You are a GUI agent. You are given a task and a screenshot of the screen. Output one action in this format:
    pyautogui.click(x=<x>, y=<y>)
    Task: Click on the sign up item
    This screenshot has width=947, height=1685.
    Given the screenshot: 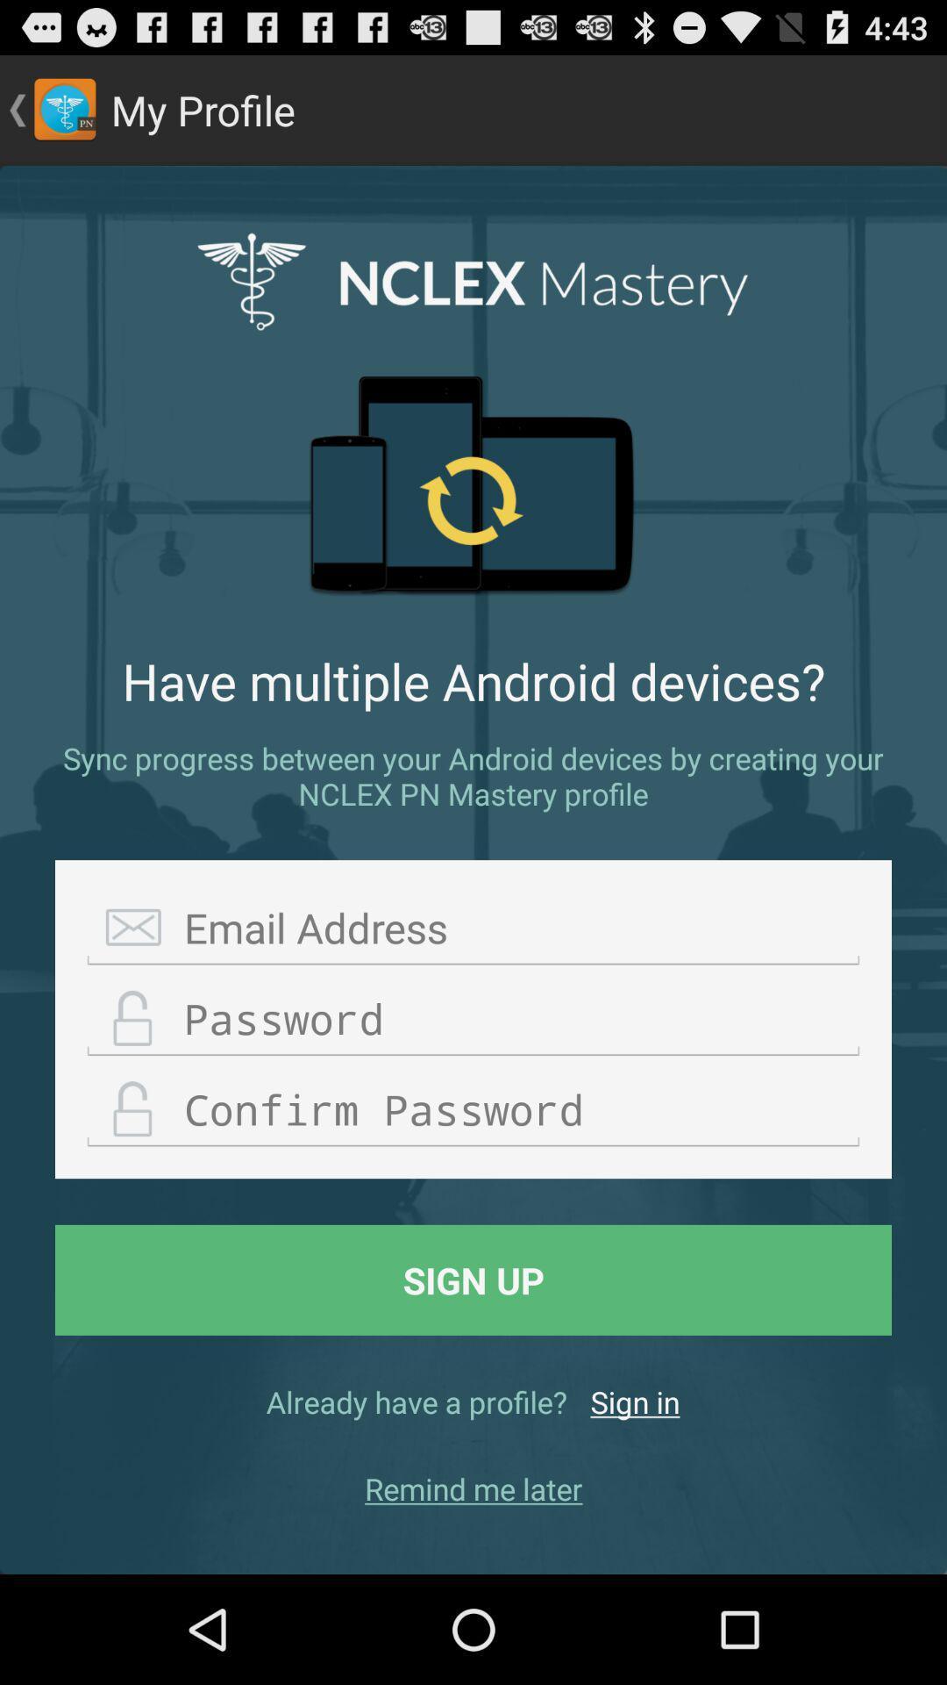 What is the action you would take?
    pyautogui.click(x=473, y=1280)
    